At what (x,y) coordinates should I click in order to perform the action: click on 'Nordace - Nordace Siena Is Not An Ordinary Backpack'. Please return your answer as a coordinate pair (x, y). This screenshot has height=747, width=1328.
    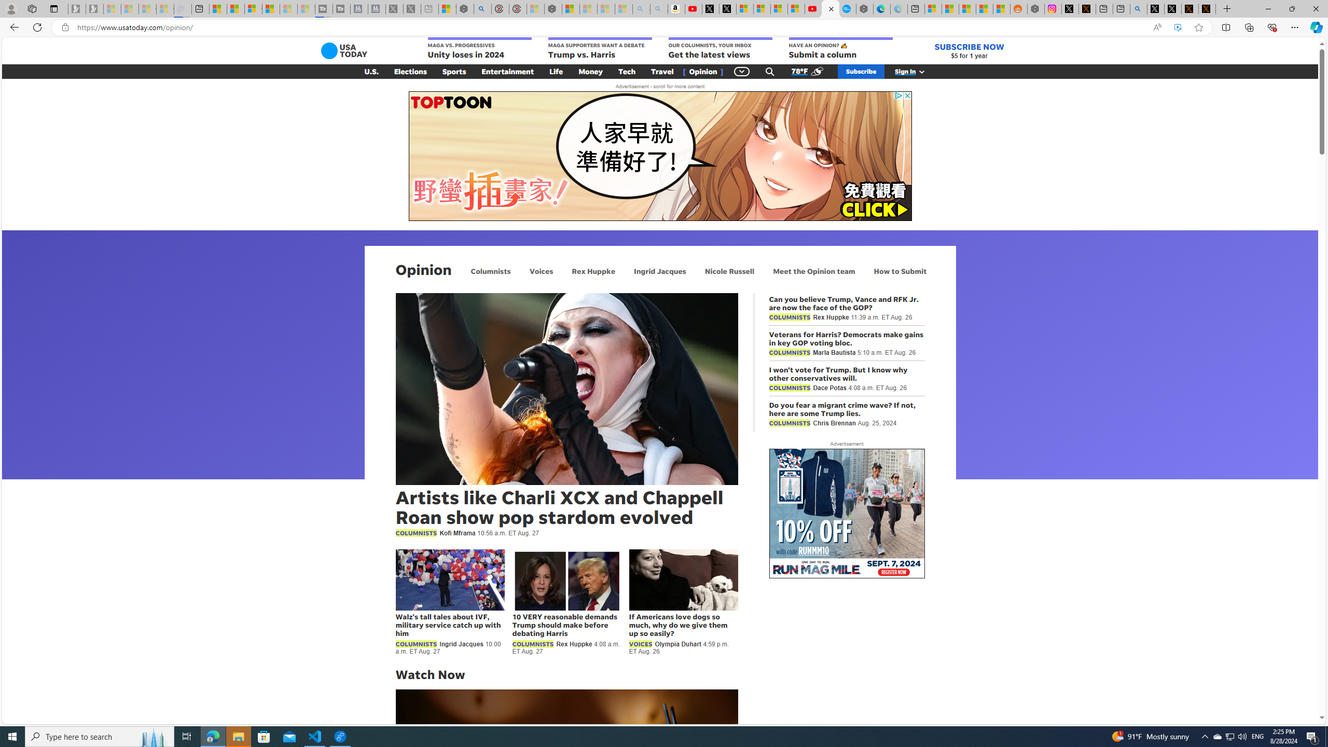
    Looking at the image, I should click on (554, 8).